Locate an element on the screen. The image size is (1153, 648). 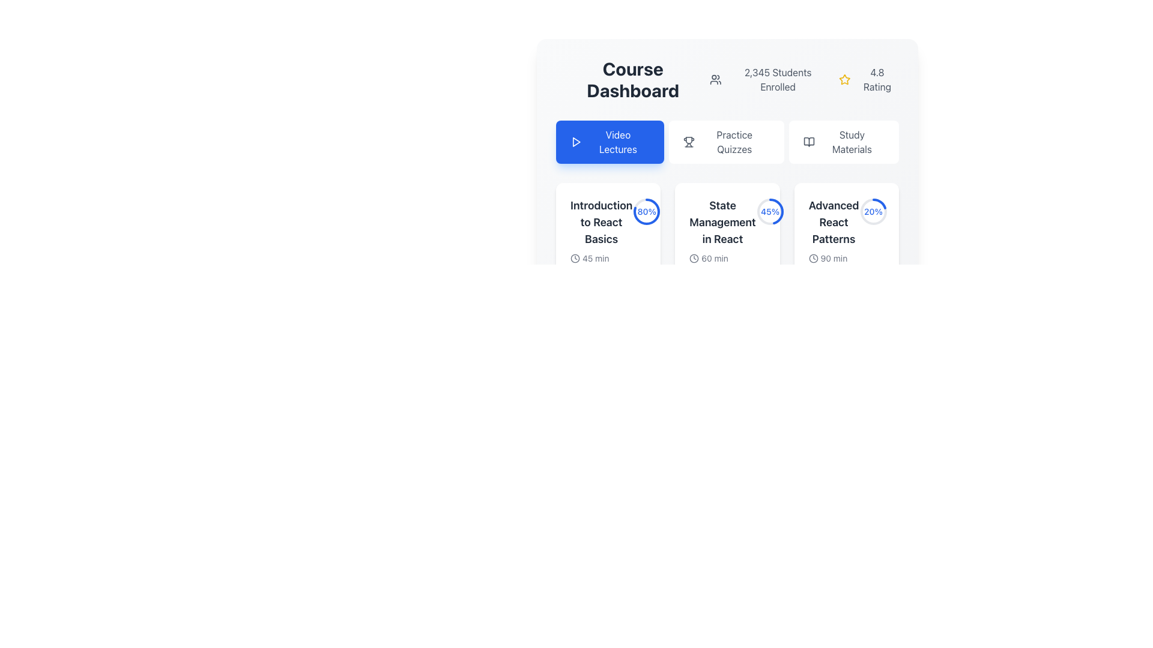
the gray outline clock icon located in the third card under the 'Advanced React Patterns' section, to the left of the '90 min' text is located at coordinates (813, 258).